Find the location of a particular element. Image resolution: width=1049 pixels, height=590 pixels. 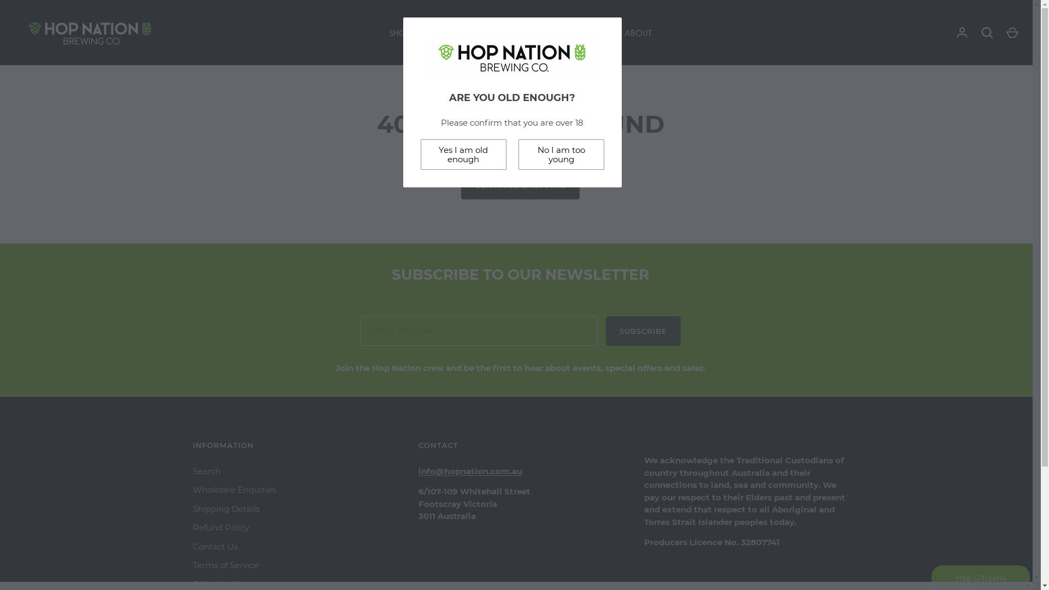

'SUBSCRIBE' is located at coordinates (643, 330).